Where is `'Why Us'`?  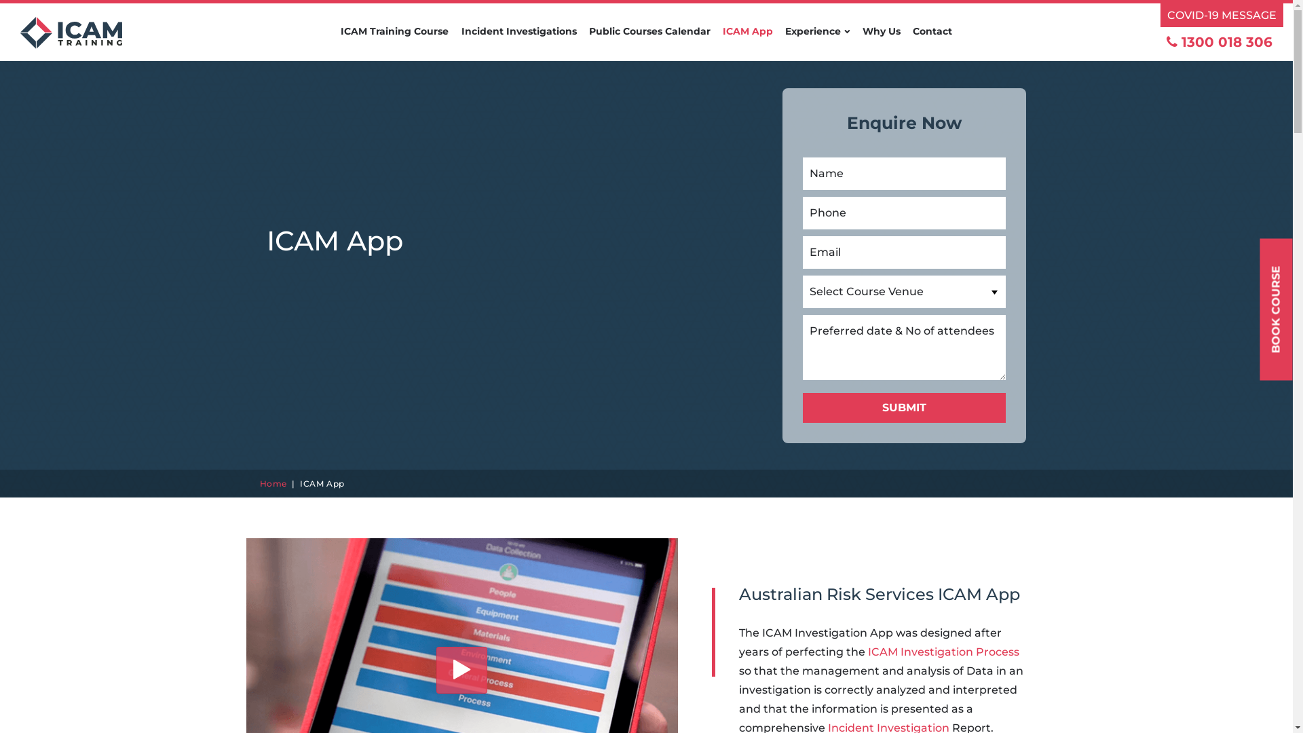 'Why Us' is located at coordinates (880, 41).